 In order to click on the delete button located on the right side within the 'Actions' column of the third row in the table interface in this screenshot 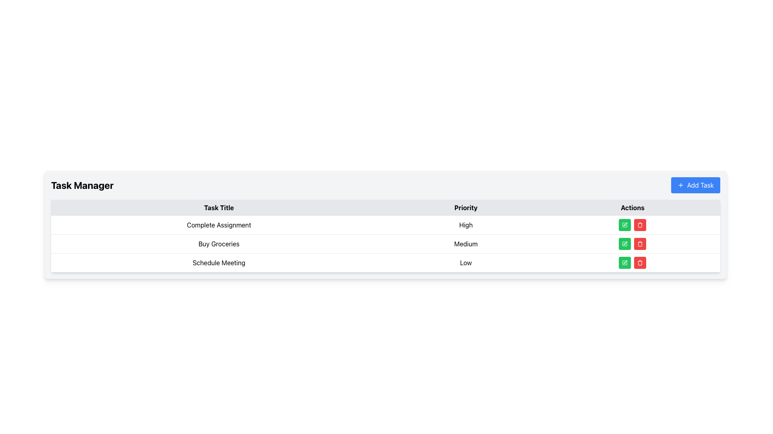, I will do `click(640, 243)`.